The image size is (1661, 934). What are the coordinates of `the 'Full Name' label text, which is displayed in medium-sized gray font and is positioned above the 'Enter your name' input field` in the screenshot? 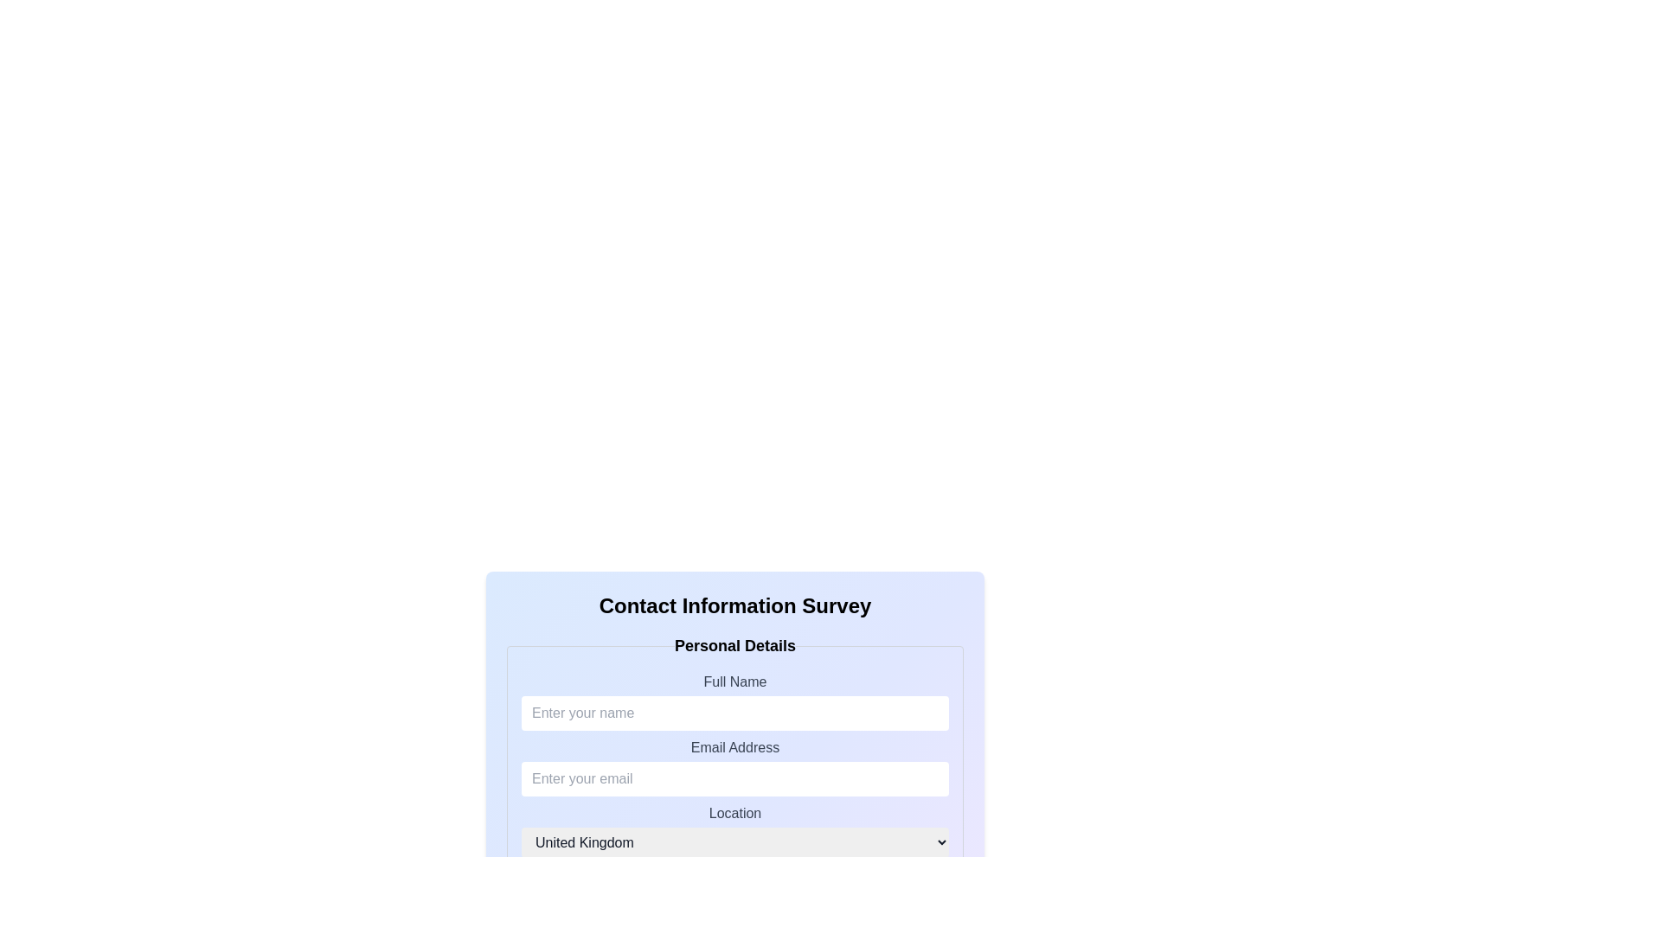 It's located at (734, 681).